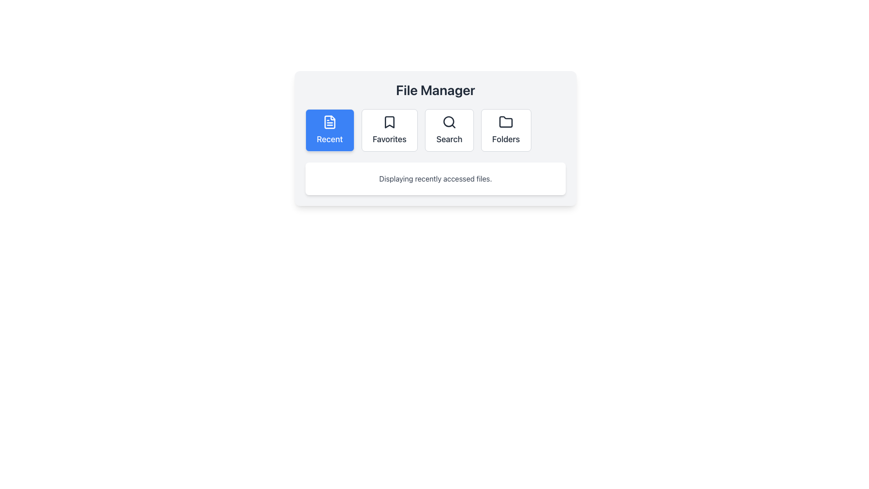  What do you see at coordinates (329, 122) in the screenshot?
I see `the 'Recent' button icon located at the leftmost position in the group of buttons at the top center of the 'File Manager' interface` at bounding box center [329, 122].